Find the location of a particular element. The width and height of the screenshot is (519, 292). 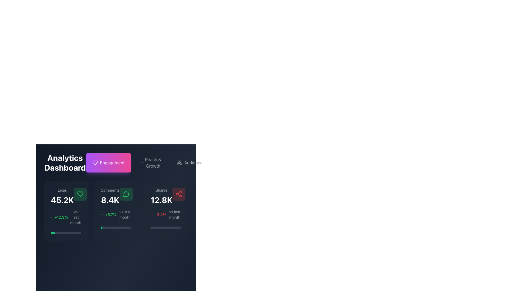

the static text label displaying 'vs last month', which is located below the '+12.3%' text in the Likes section of the Analytics Dashboard is located at coordinates (75, 217).